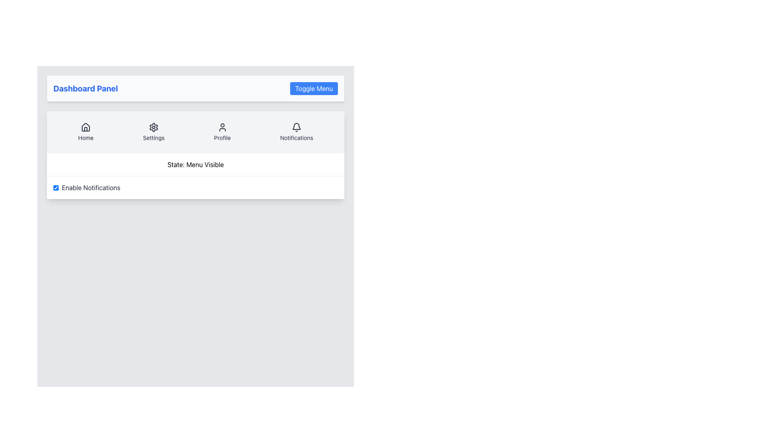 The image size is (777, 437). I want to click on text label 'Profile' which is styled in a smaller font and located under the user profile icon in the navigation menu, so click(222, 137).